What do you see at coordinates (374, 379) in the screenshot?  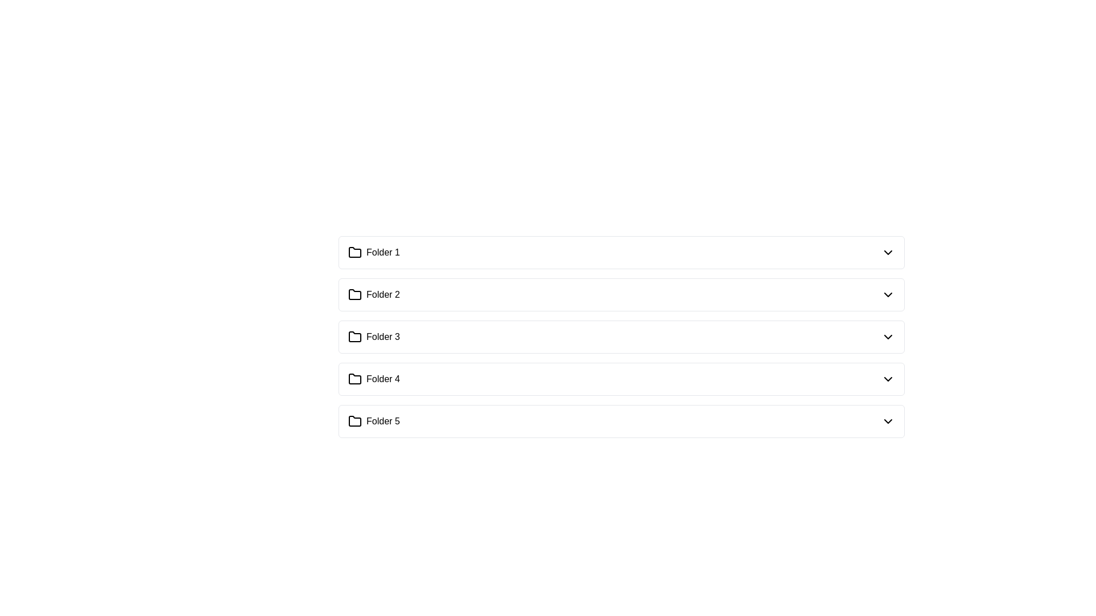 I see `the fourth list item corresponding to 'Folder 4'` at bounding box center [374, 379].